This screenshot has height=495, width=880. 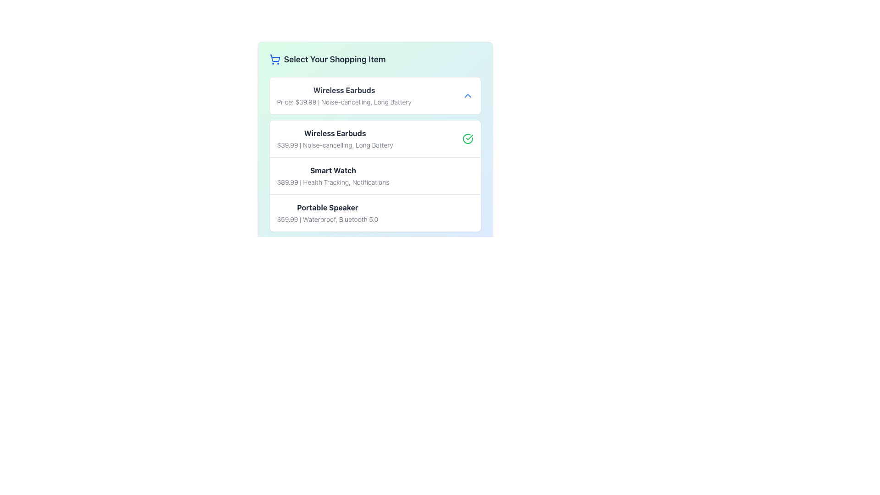 I want to click on the text block representing the 'Portable Speaker', so click(x=327, y=213).